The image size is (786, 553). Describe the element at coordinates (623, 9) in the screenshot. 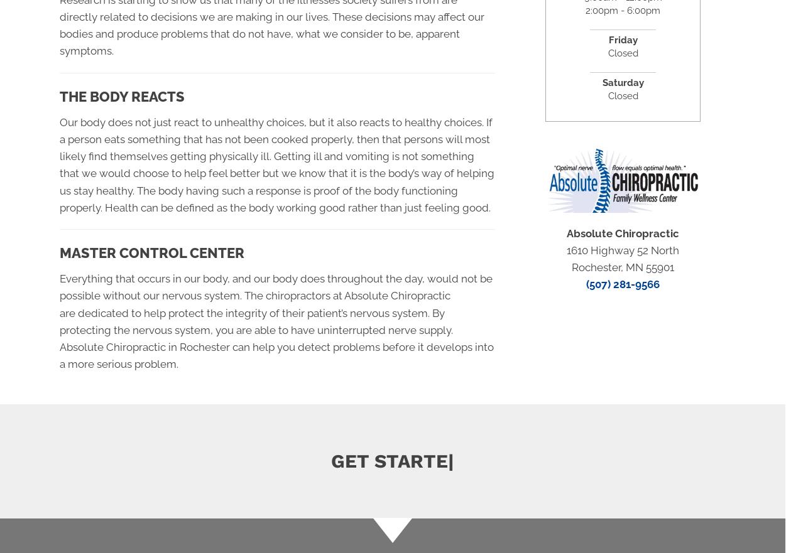

I see `'2:00pm - 6:00pm'` at that location.